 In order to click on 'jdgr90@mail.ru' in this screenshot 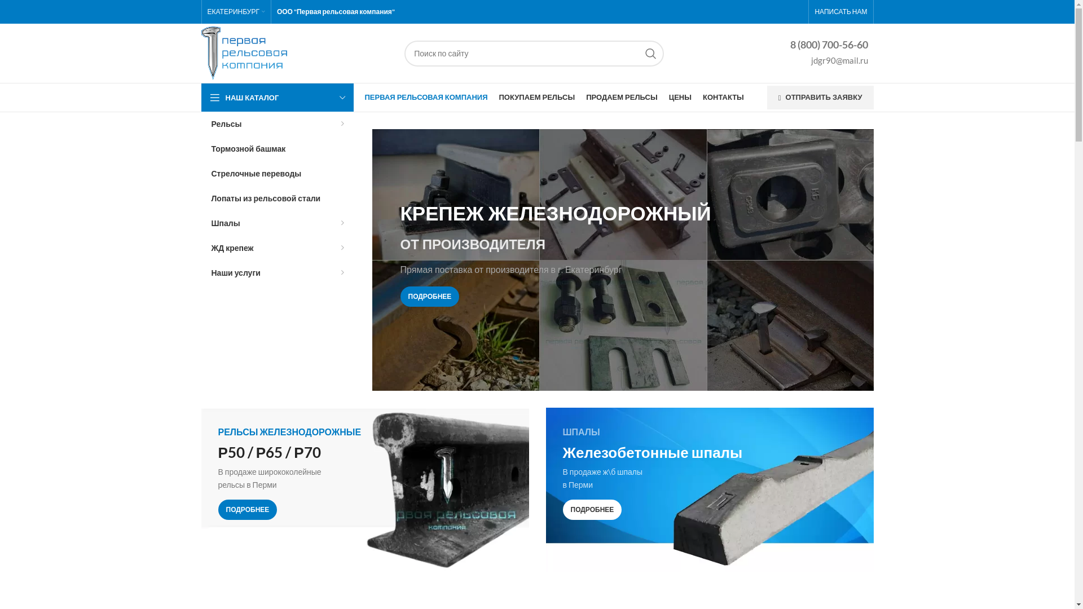, I will do `click(828, 62)`.